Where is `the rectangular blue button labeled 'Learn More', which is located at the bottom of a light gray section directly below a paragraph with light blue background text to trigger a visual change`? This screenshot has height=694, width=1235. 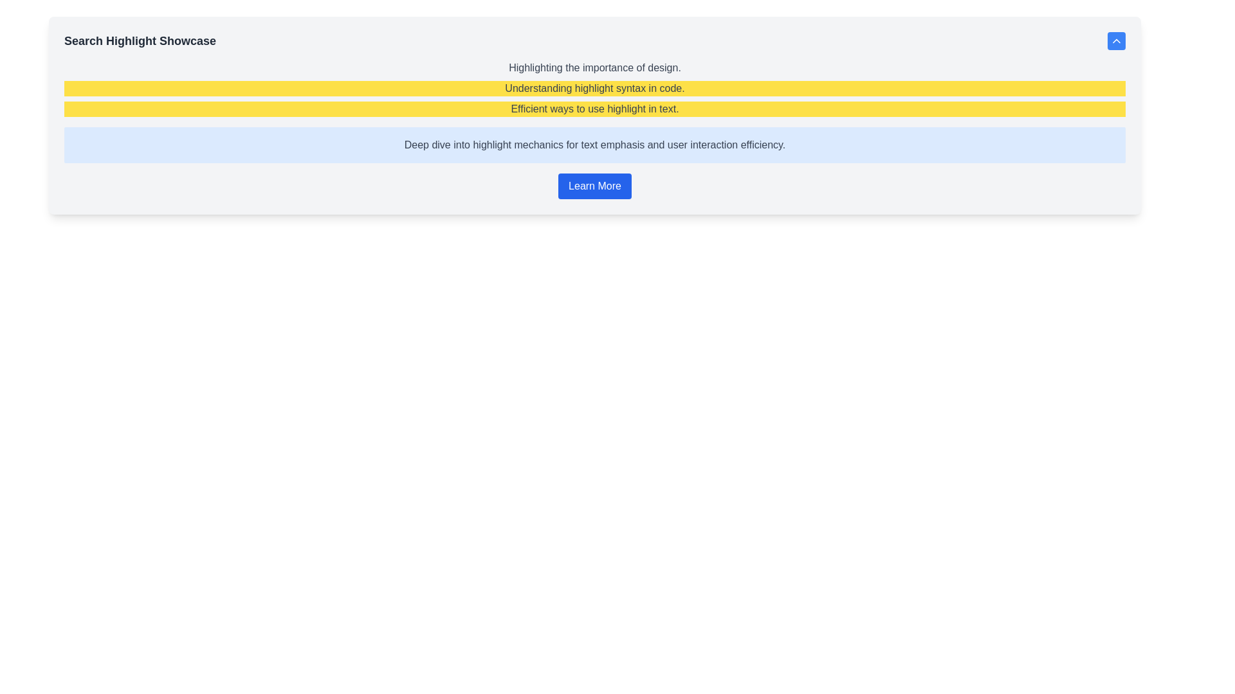 the rectangular blue button labeled 'Learn More', which is located at the bottom of a light gray section directly below a paragraph with light blue background text to trigger a visual change is located at coordinates (594, 186).